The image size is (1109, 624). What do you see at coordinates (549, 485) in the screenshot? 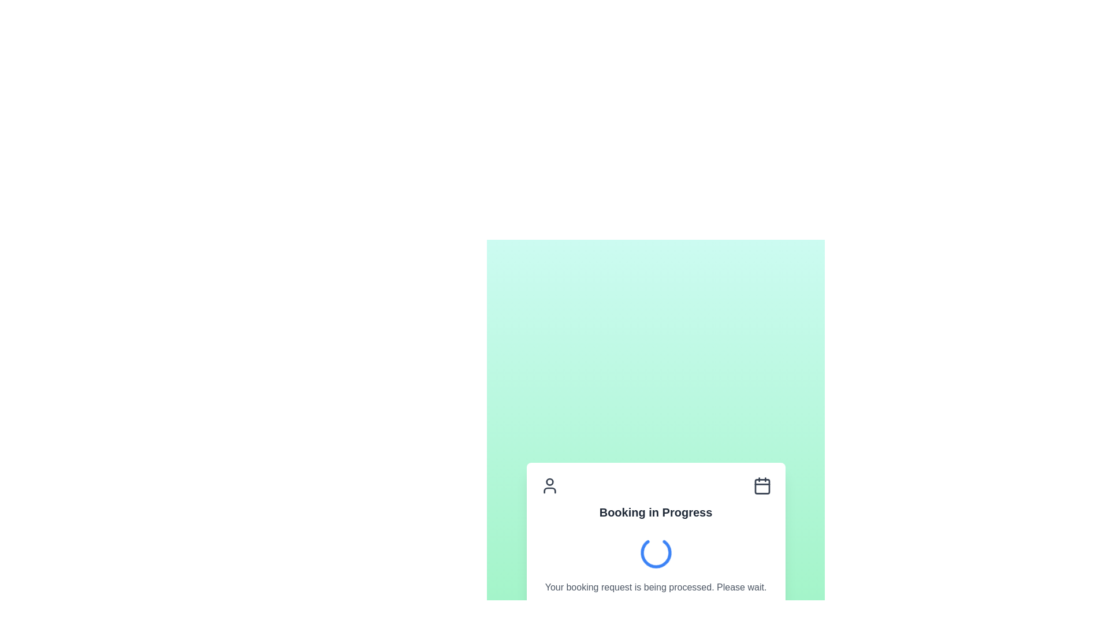
I see `the user-related SVG icon located at the top of the card-like interface` at bounding box center [549, 485].